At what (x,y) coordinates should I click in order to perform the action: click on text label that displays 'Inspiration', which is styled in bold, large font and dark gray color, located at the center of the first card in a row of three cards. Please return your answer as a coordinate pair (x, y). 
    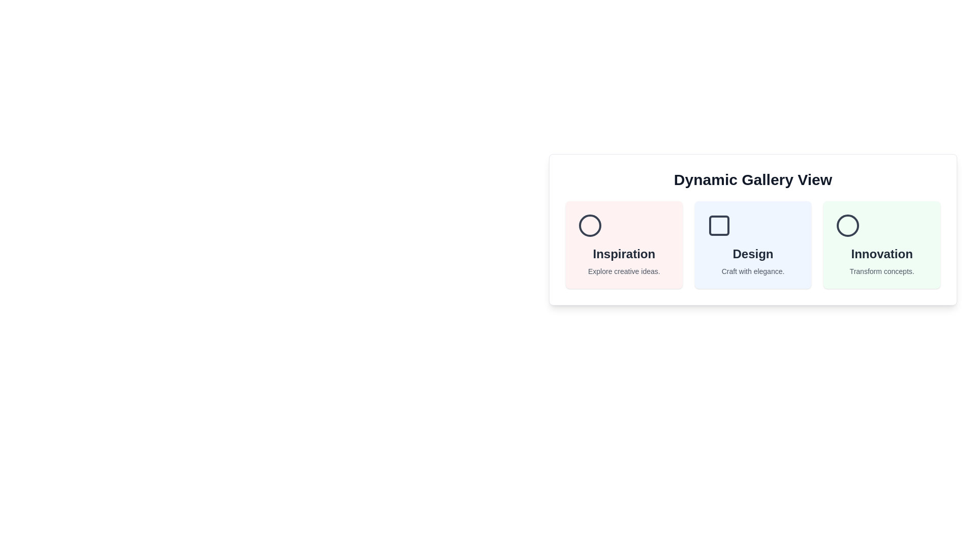
    Looking at the image, I should click on (623, 254).